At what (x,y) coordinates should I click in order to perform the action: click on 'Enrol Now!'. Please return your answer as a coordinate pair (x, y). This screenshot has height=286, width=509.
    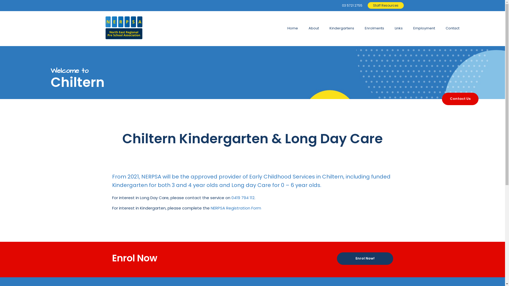
    Looking at the image, I should click on (336, 258).